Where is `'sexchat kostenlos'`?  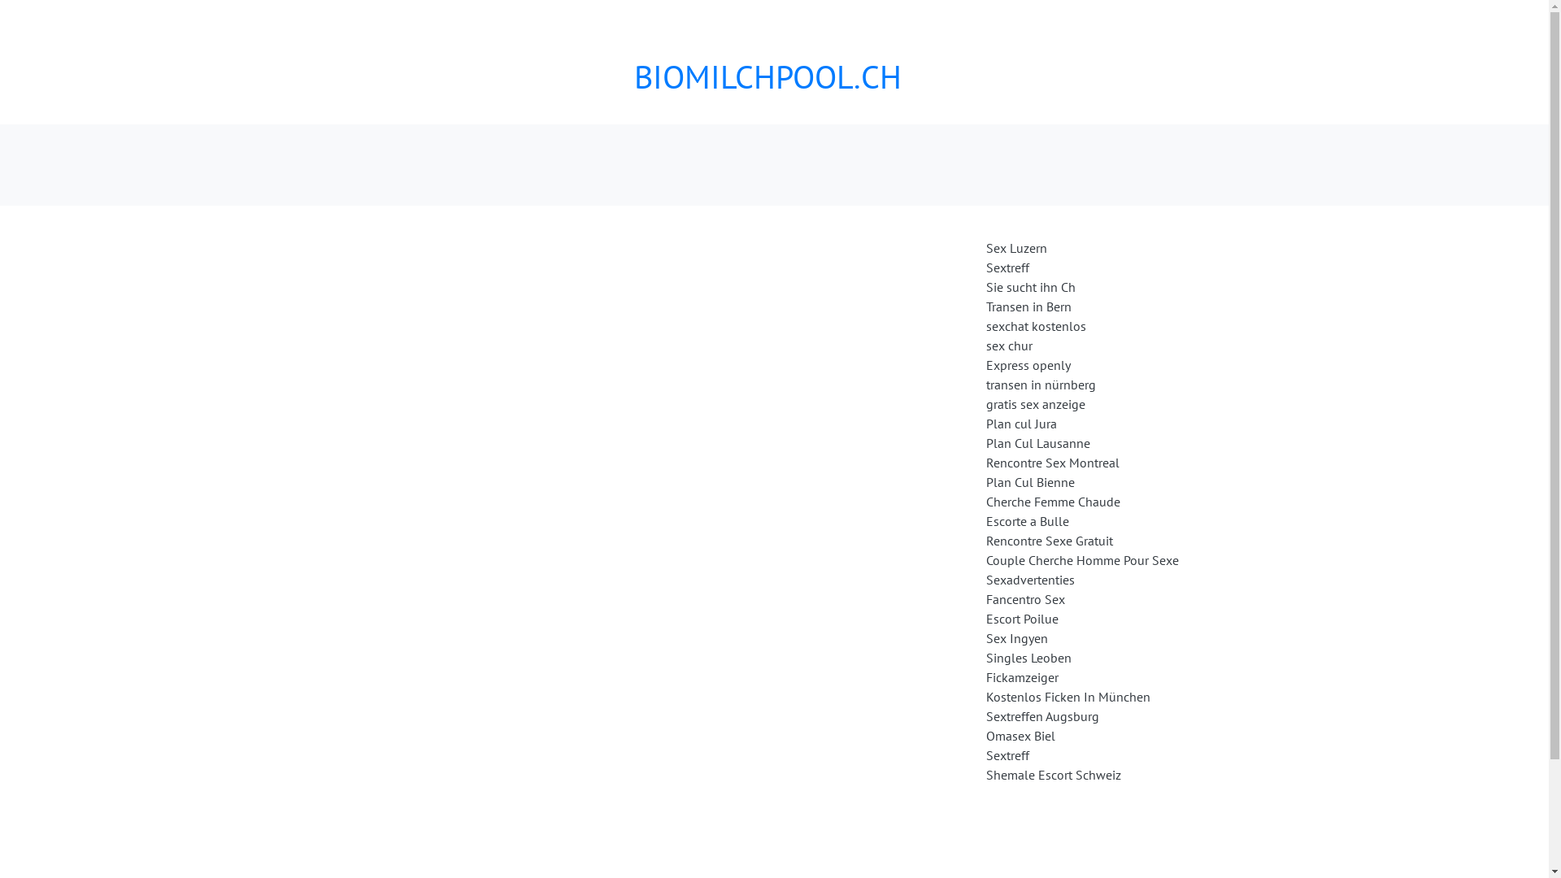
'sexchat kostenlos' is located at coordinates (1034, 326).